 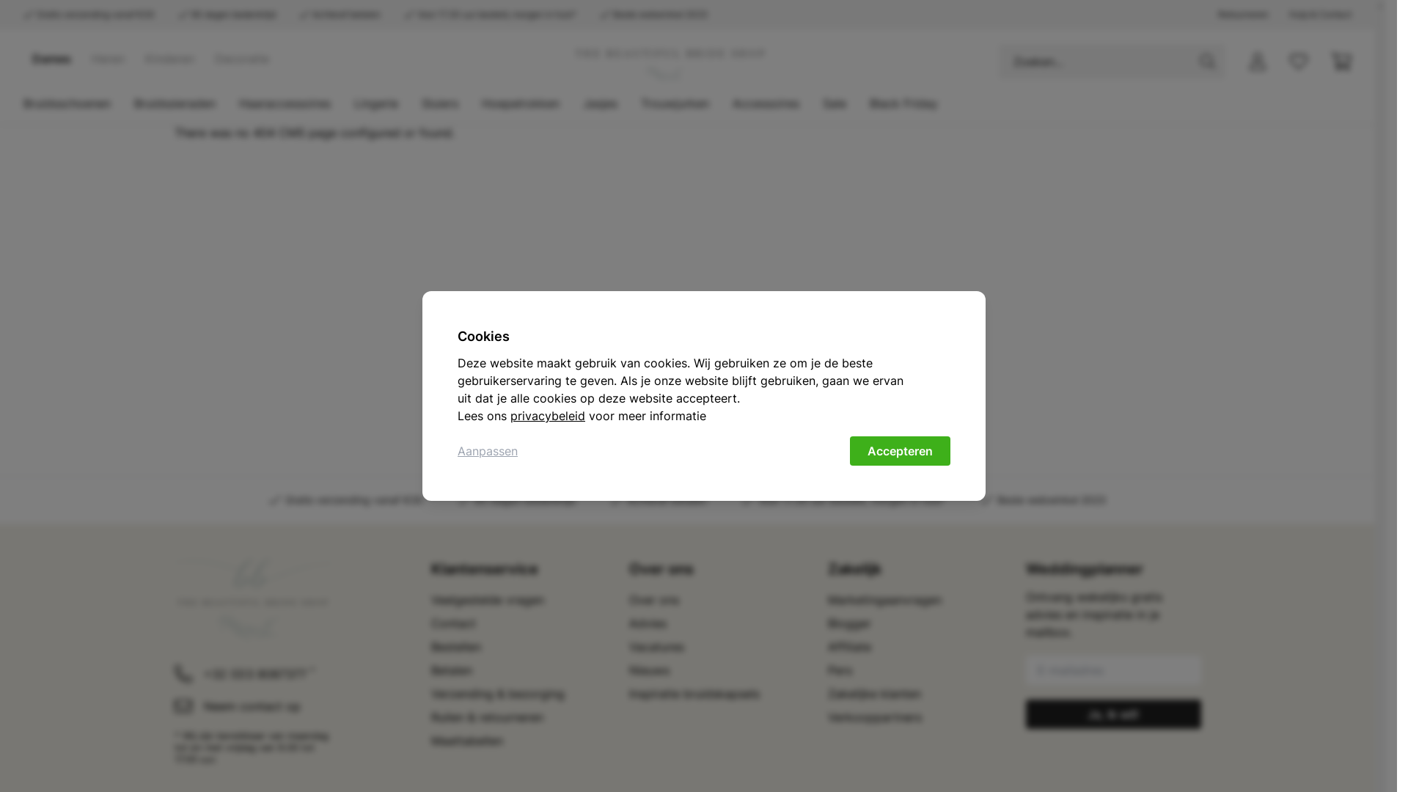 I want to click on 'Affiliate', so click(x=827, y=646).